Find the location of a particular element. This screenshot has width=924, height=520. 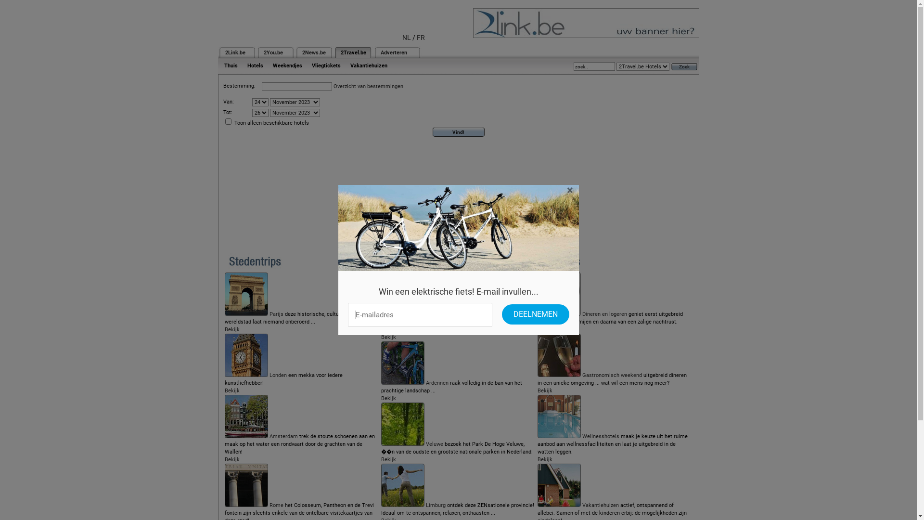

'Parijs' is located at coordinates (276, 314).